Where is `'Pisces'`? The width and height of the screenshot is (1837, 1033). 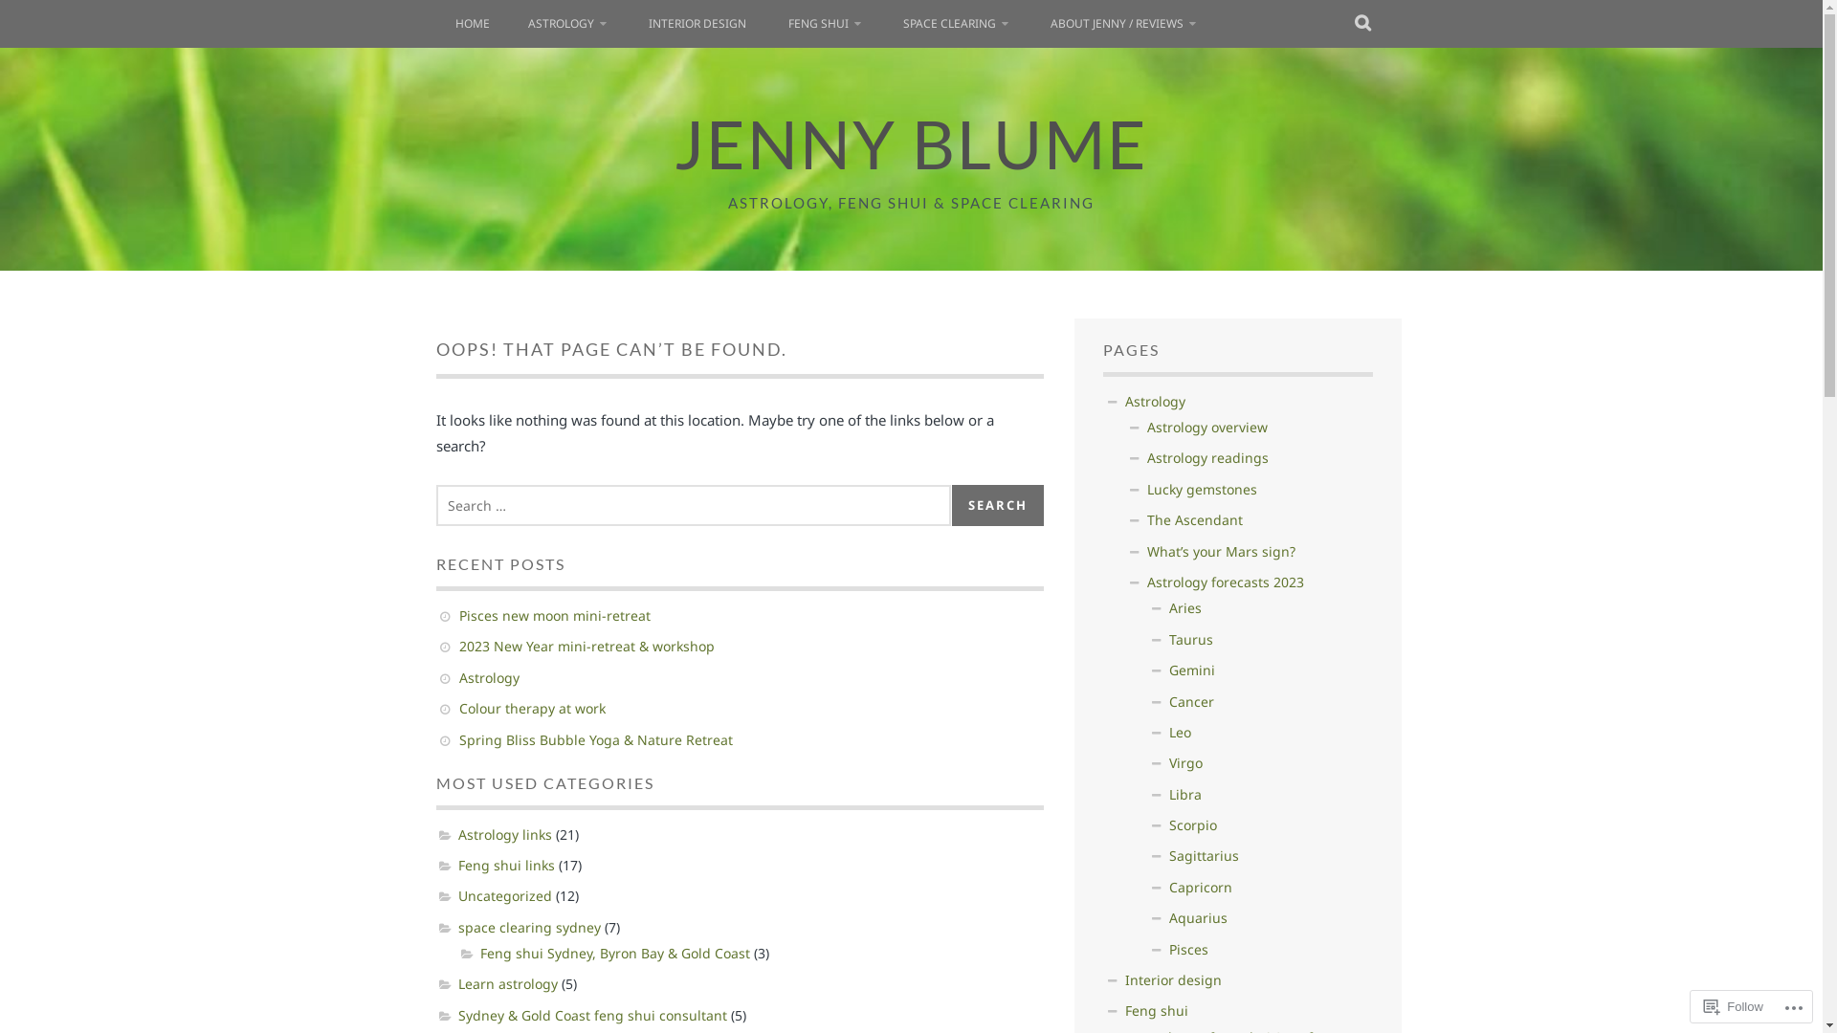
'Pisces' is located at coordinates (1187, 949).